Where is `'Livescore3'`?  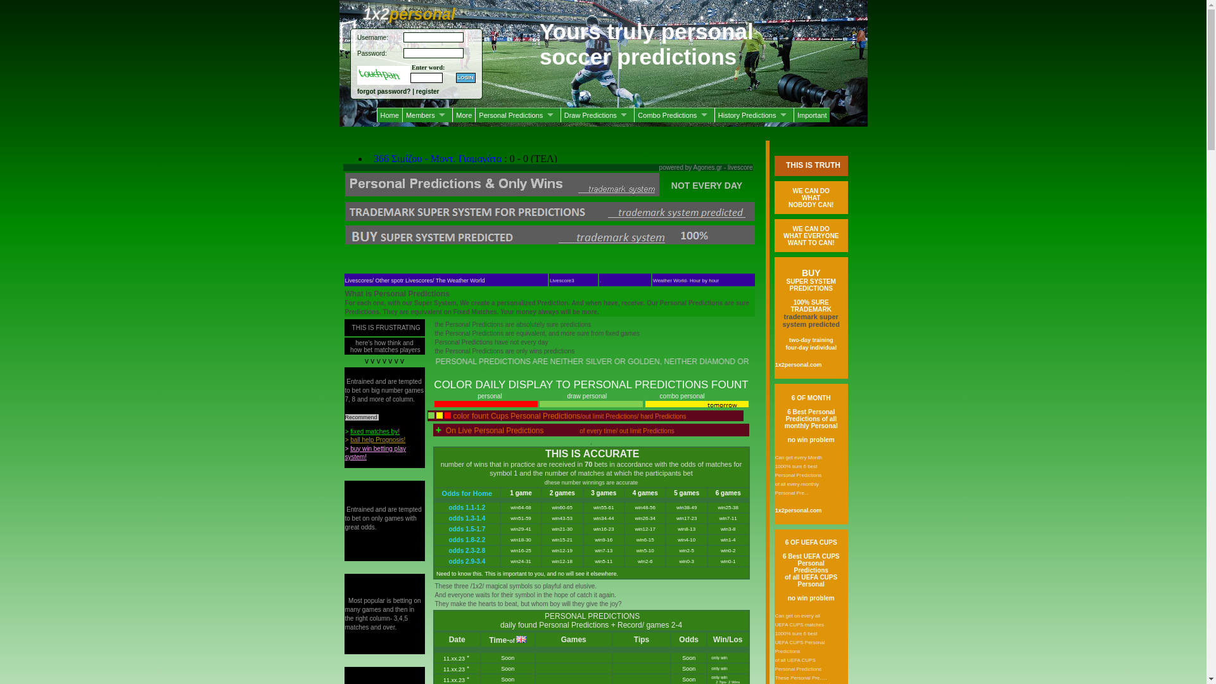 'Livescore3' is located at coordinates (561, 263).